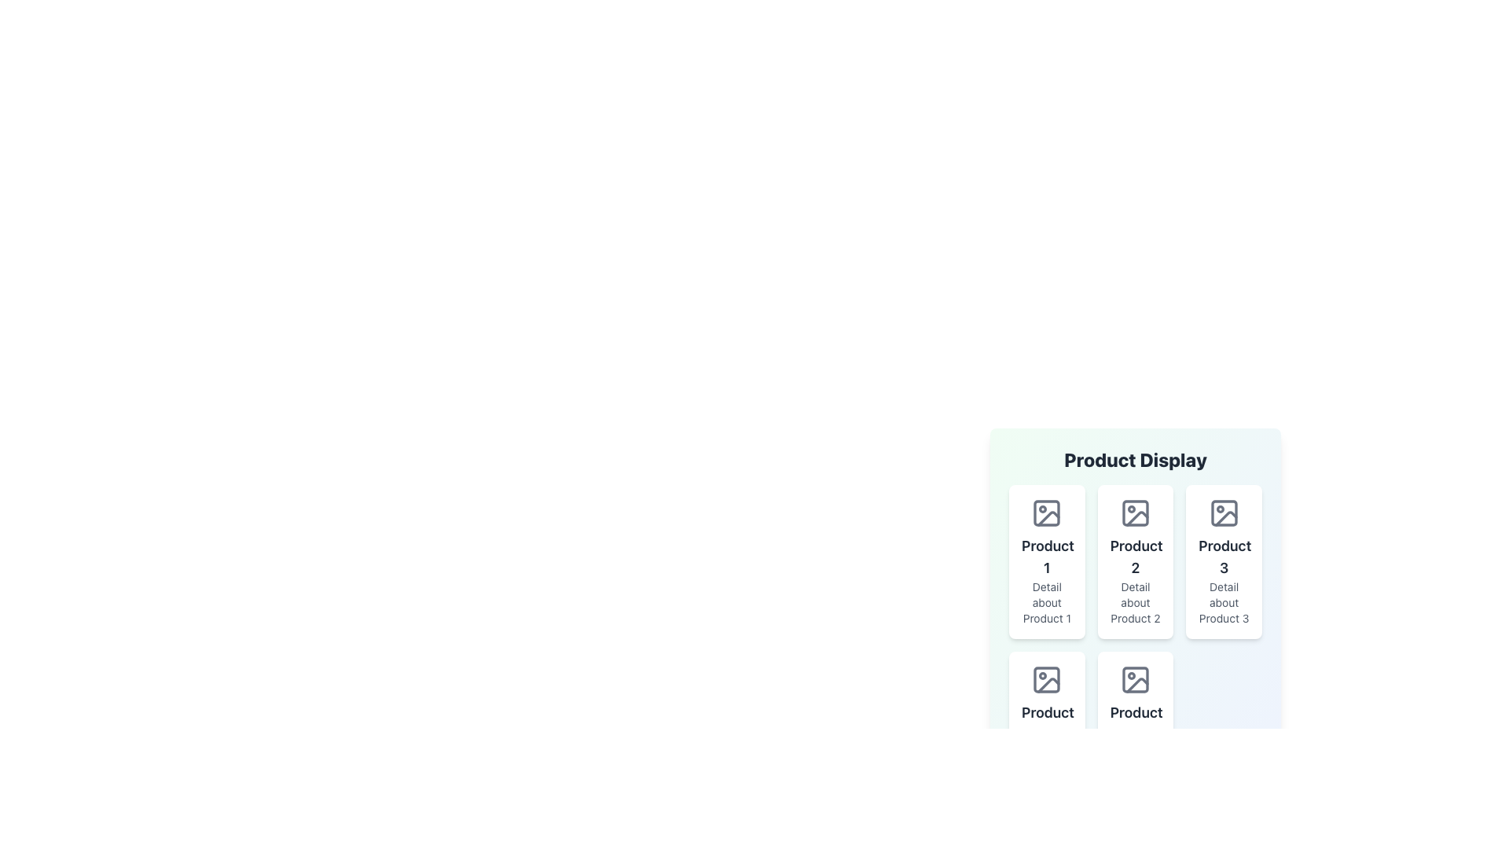 The width and height of the screenshot is (1509, 849). Describe the element at coordinates (1047, 678) in the screenshot. I see `the small, rectangular icon with rounded corners located in the bottom-left section of the content grid within the fourth product card labeled 'Product'` at that location.